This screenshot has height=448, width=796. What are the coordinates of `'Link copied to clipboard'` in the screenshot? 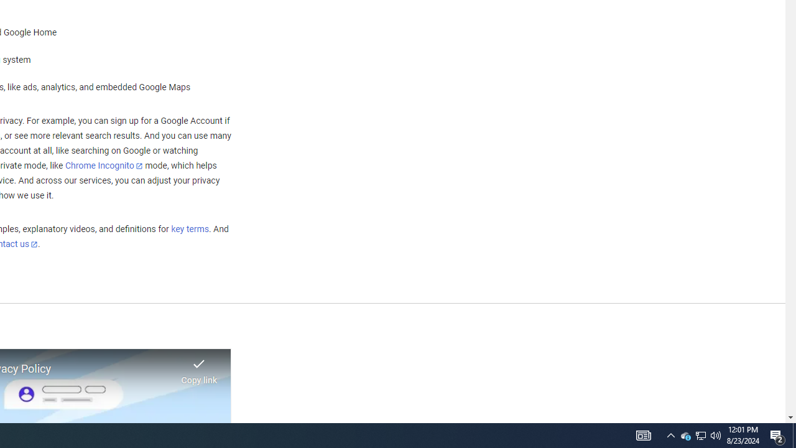 It's located at (199, 367).